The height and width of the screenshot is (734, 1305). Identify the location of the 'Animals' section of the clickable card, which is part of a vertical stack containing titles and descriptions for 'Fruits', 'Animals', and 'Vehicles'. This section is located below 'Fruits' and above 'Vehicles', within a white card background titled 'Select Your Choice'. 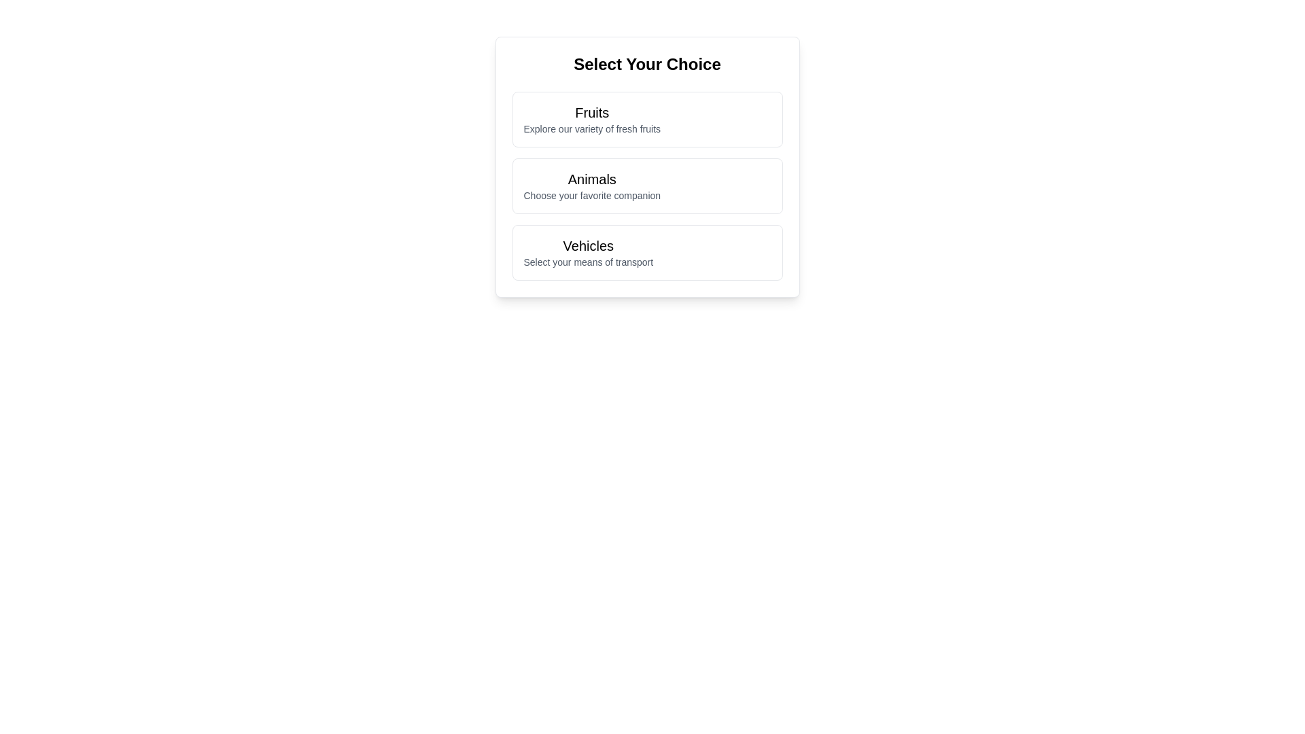
(646, 186).